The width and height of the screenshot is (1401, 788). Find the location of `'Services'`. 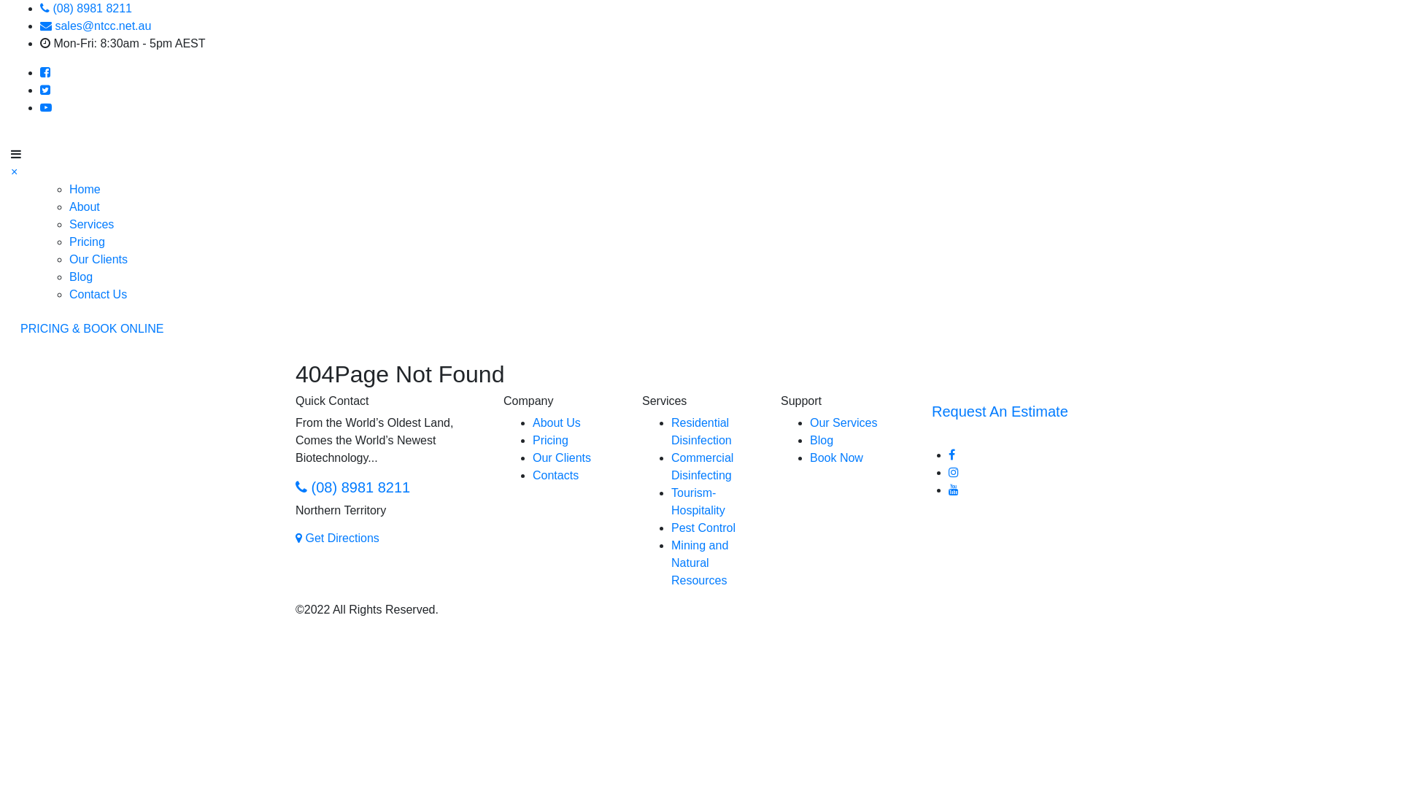

'Services' is located at coordinates (90, 224).